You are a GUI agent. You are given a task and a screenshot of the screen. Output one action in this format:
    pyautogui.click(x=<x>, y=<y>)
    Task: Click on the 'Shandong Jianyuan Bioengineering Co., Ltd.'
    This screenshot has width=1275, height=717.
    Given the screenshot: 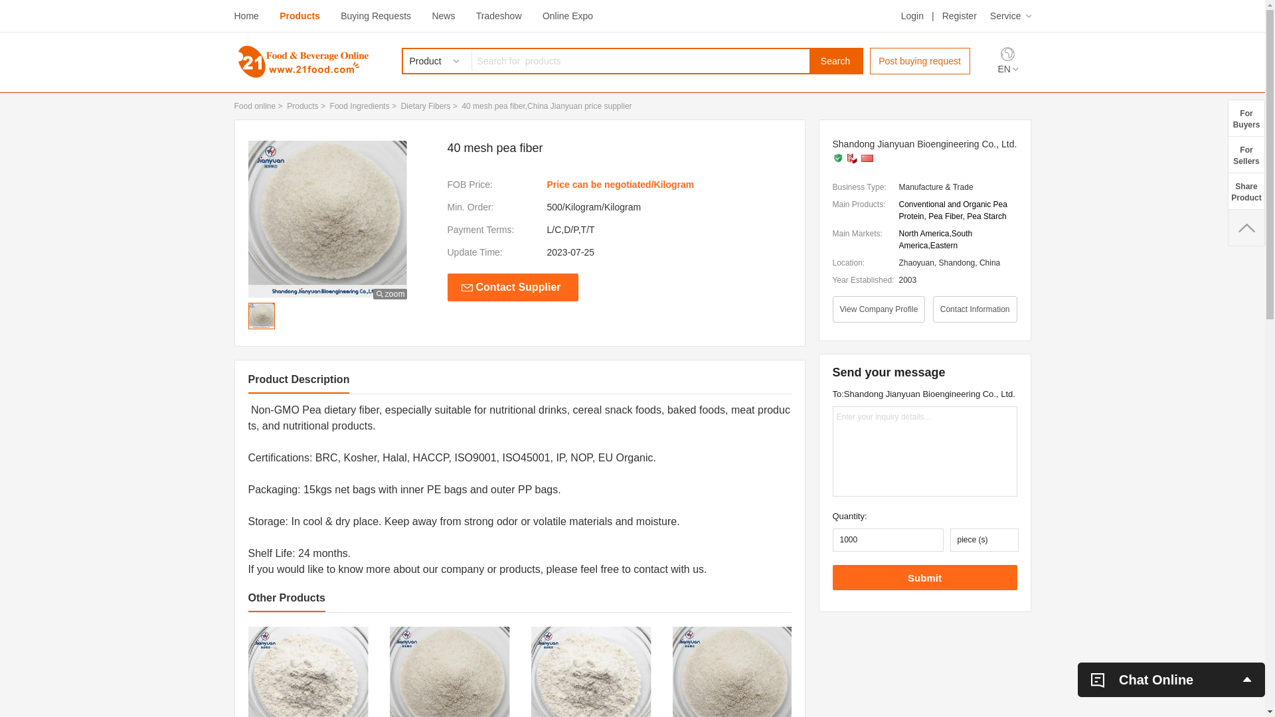 What is the action you would take?
    pyautogui.click(x=924, y=143)
    